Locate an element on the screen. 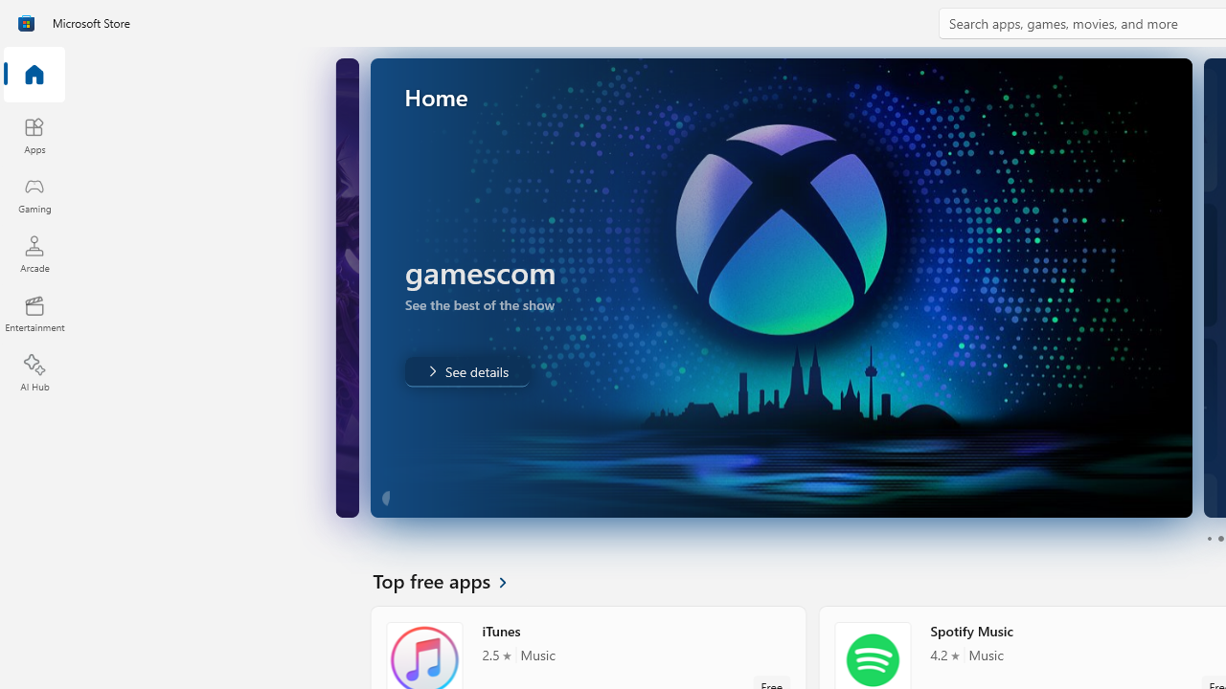 This screenshot has height=689, width=1226. 'Home' is located at coordinates (34, 75).